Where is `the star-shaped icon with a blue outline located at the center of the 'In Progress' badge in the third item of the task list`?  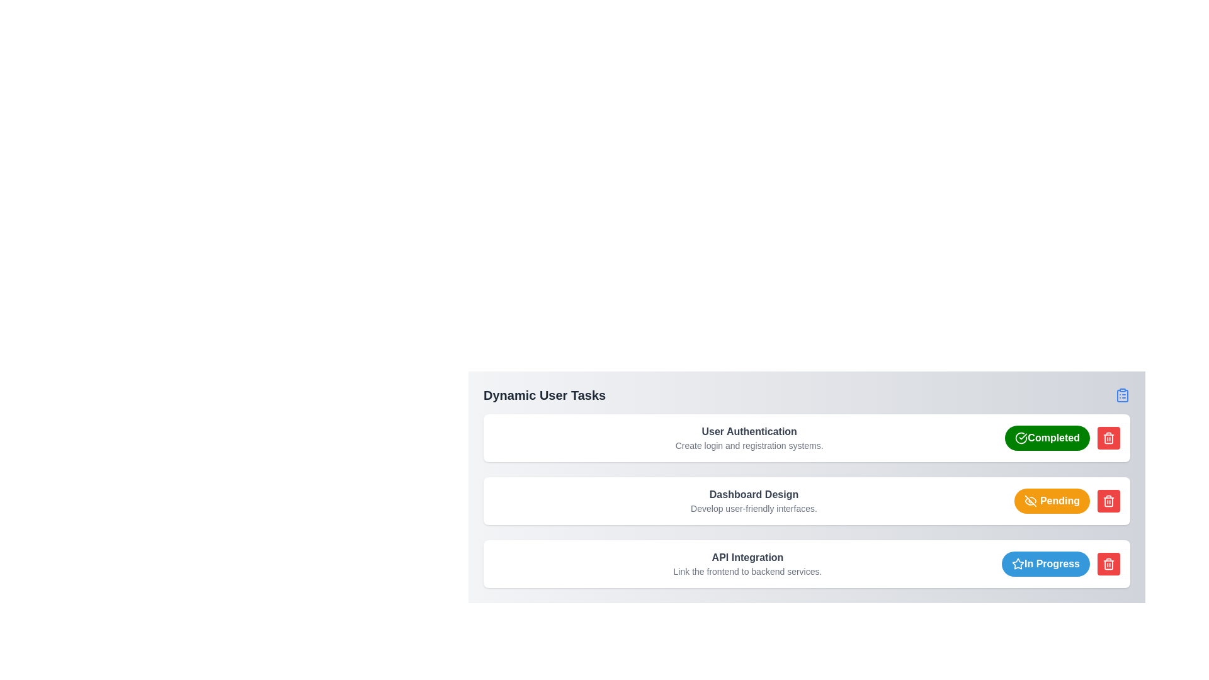 the star-shaped icon with a blue outline located at the center of the 'In Progress' badge in the third item of the task list is located at coordinates (1018, 563).